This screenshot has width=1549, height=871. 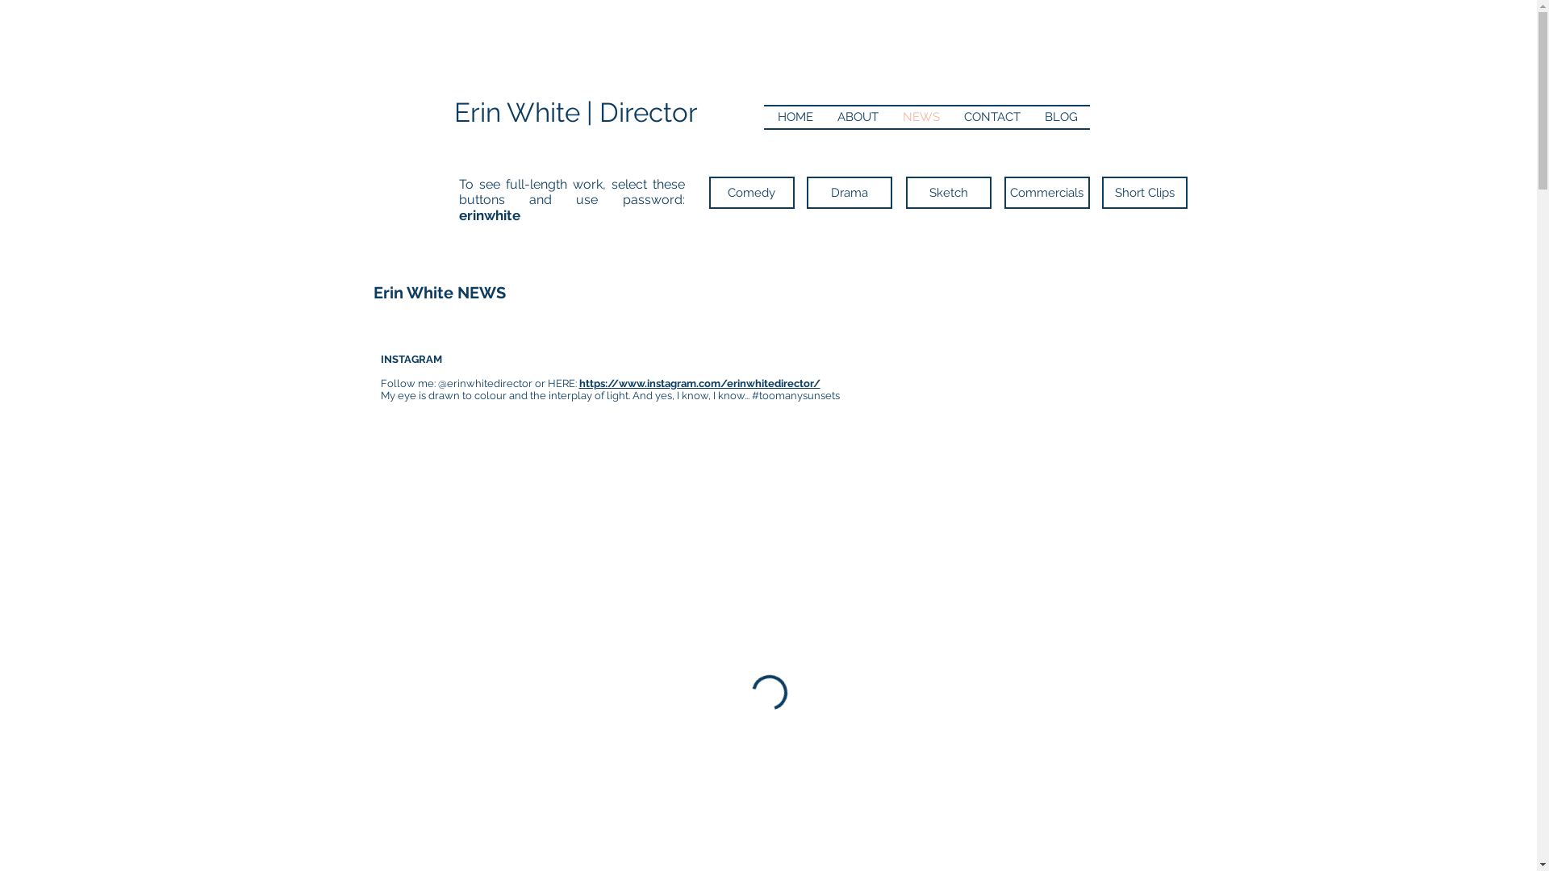 What do you see at coordinates (1046, 192) in the screenshot?
I see `'Commercials'` at bounding box center [1046, 192].